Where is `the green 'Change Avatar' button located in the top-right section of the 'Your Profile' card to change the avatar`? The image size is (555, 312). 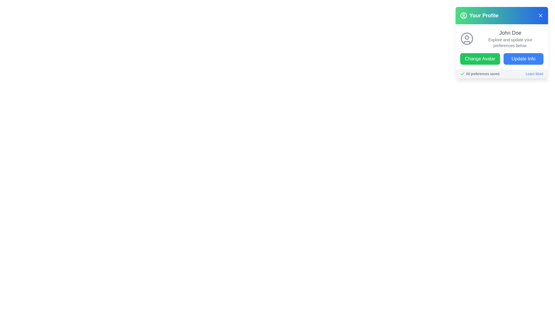 the green 'Change Avatar' button located in the top-right section of the 'Your Profile' card to change the avatar is located at coordinates (480, 59).